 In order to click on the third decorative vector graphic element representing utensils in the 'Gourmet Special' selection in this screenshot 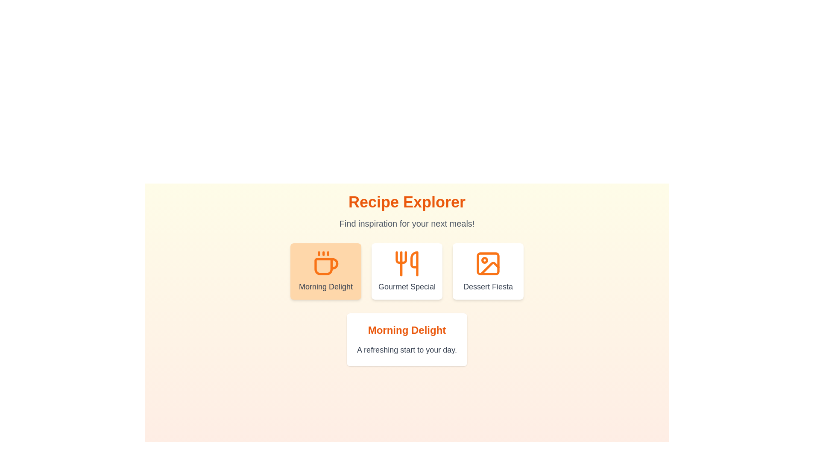, I will do `click(414, 263)`.